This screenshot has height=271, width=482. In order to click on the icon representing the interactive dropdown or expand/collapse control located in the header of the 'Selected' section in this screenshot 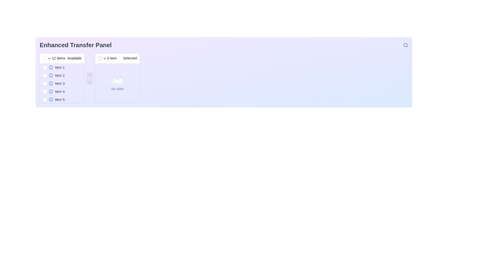, I will do `click(104, 58)`.